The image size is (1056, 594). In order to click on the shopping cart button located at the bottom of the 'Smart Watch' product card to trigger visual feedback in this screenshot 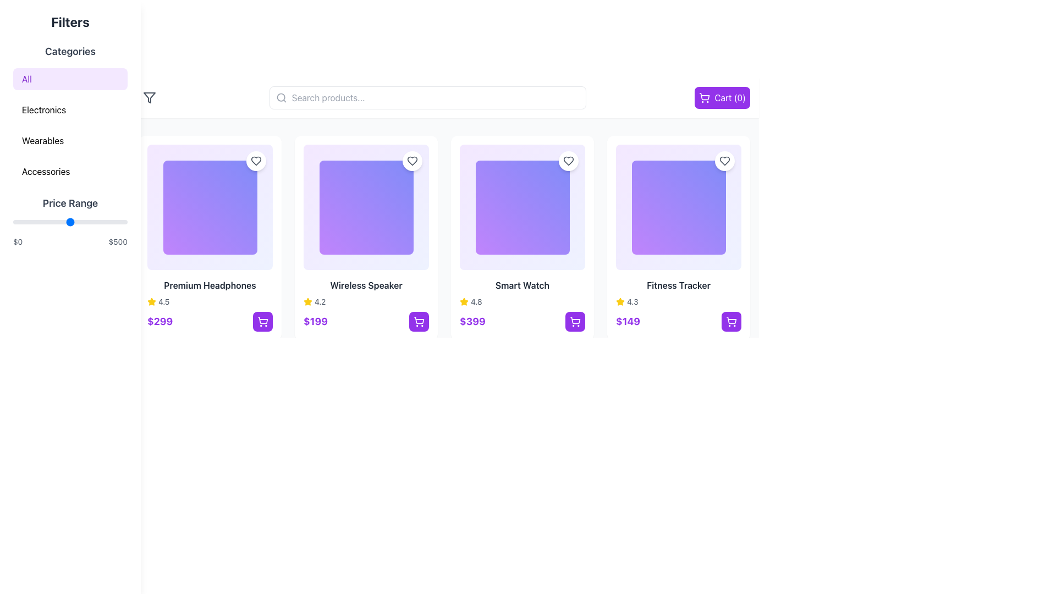, I will do `click(522, 322)`.